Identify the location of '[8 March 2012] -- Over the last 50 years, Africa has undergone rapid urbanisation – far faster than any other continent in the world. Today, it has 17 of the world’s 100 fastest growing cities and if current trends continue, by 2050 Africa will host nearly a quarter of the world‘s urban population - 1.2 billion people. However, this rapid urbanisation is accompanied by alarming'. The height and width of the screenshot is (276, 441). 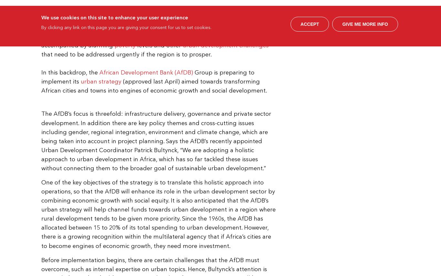
(159, 27).